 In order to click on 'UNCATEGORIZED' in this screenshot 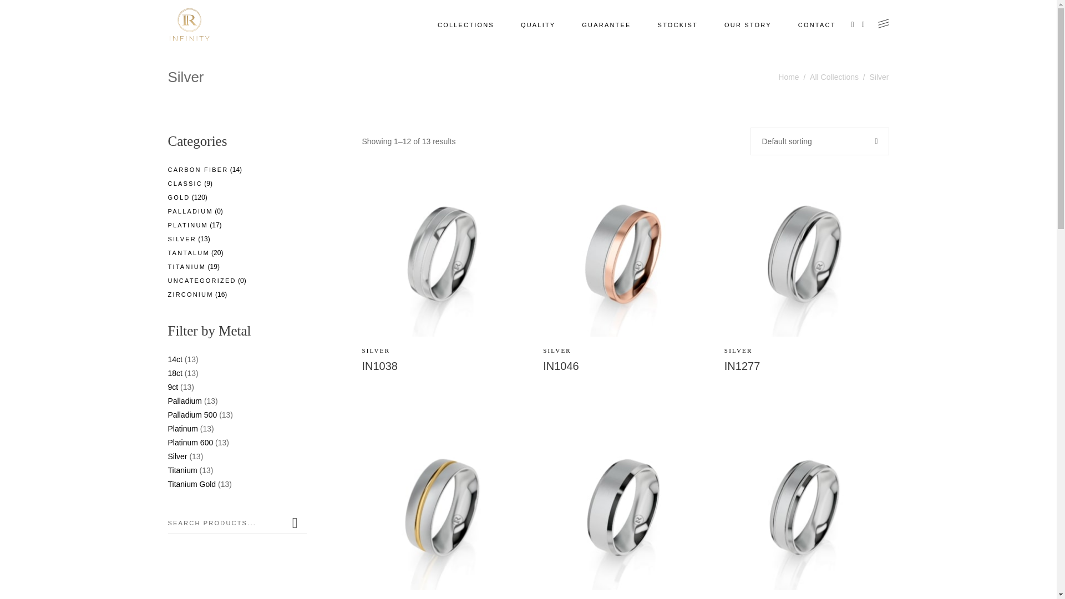, I will do `click(201, 280)`.